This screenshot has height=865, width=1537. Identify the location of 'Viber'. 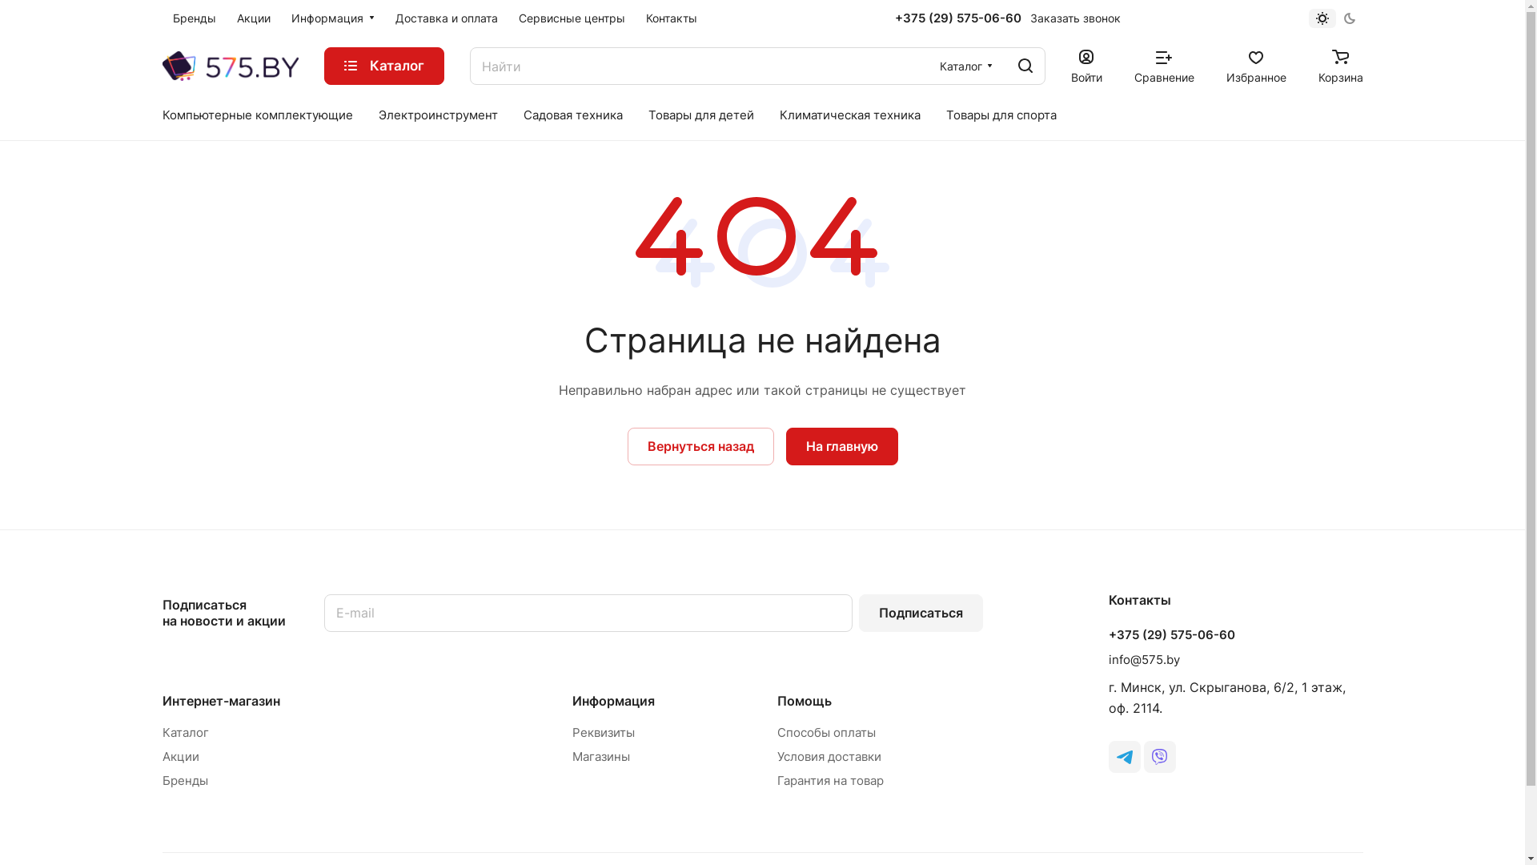
(1159, 757).